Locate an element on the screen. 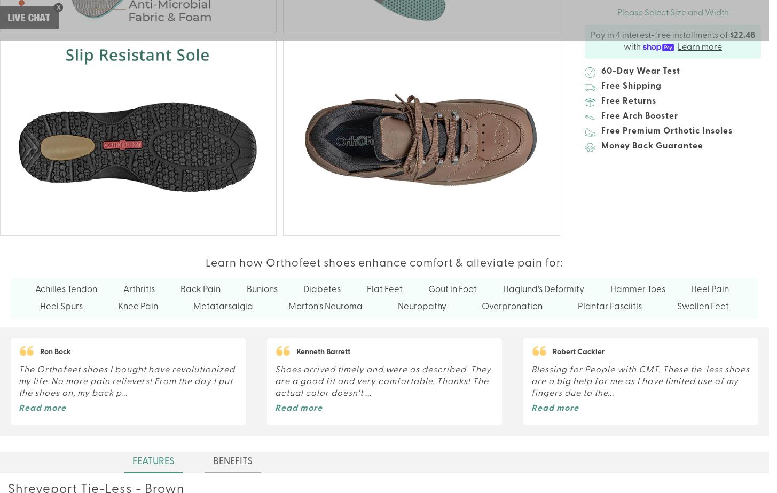 Image resolution: width=777 pixels, height=493 pixels. 'Overpronation' is located at coordinates (511, 306).